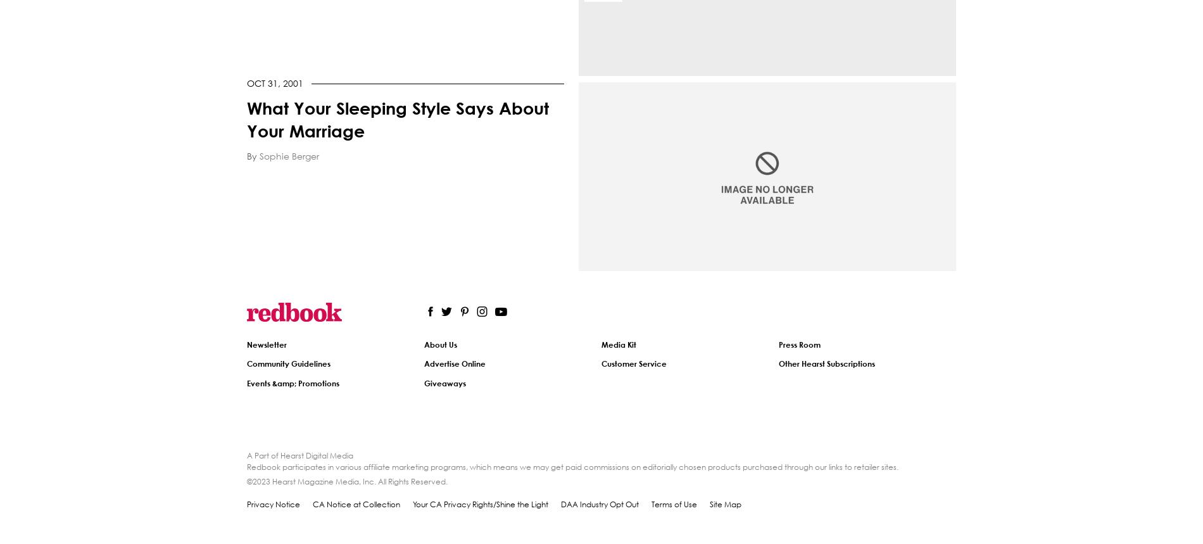 This screenshot has height=544, width=1203. Describe the element at coordinates (454, 364) in the screenshot. I see `'Advertise Online'` at that location.